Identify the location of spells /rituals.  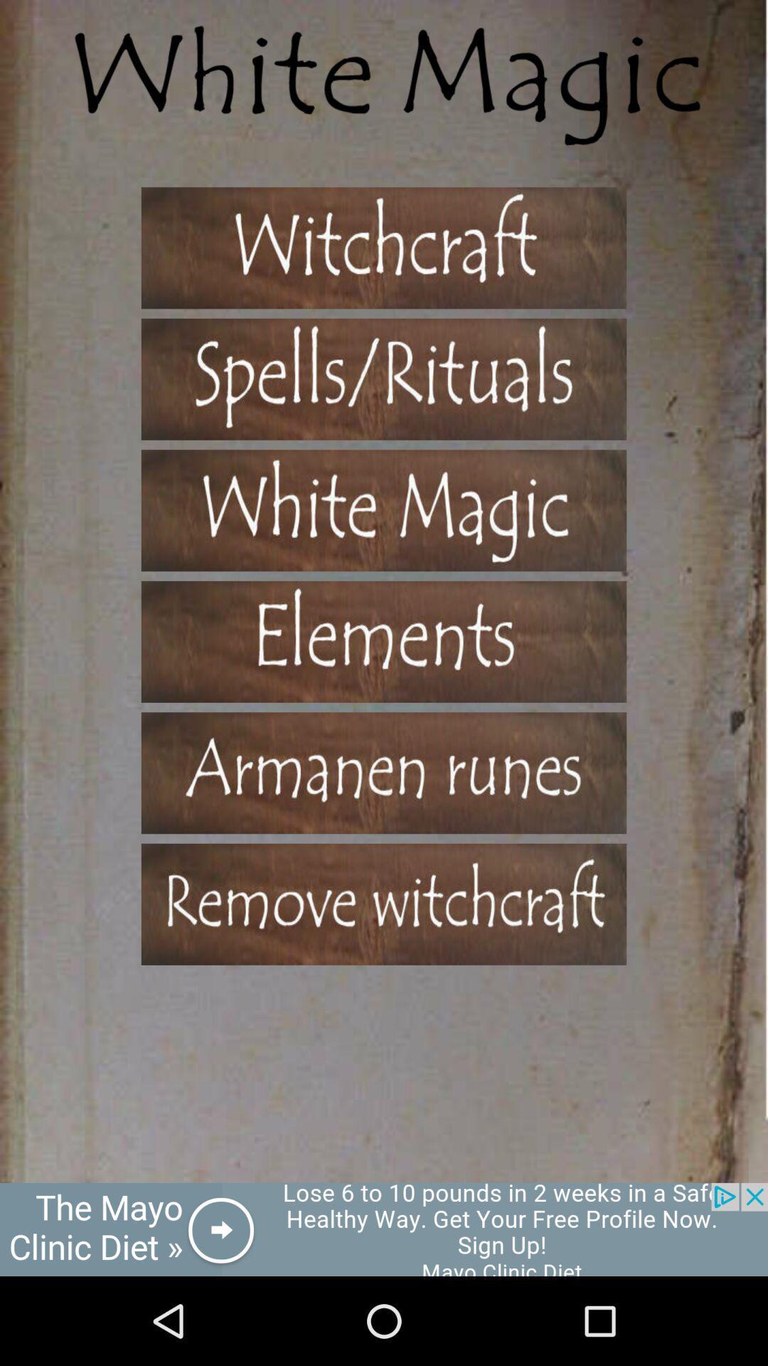
(384, 379).